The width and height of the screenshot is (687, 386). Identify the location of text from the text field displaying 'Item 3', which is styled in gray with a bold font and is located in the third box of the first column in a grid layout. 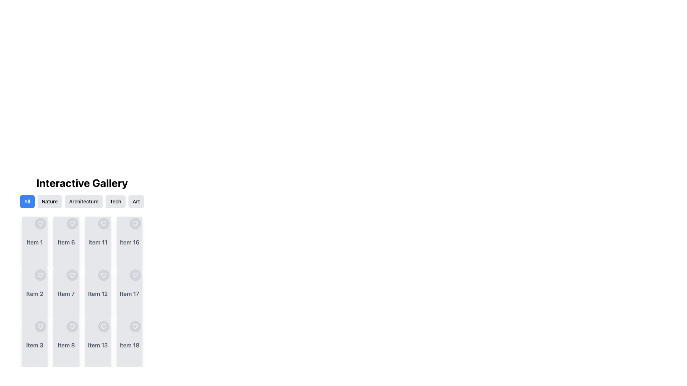
(34, 345).